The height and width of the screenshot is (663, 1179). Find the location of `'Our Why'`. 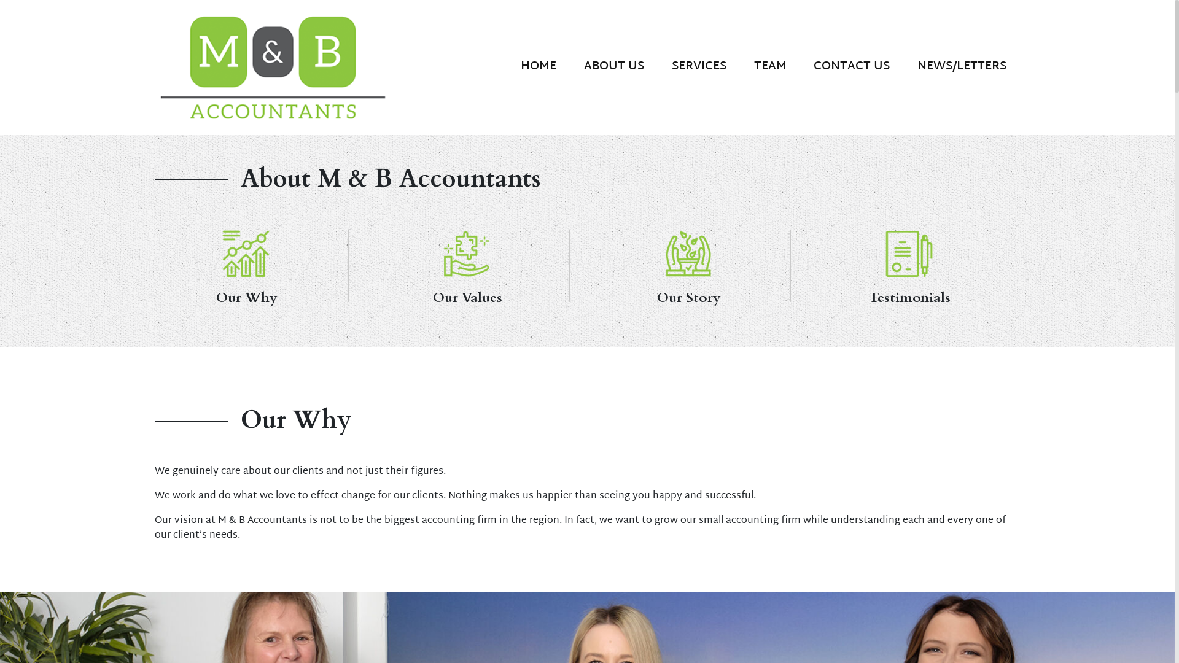

'Our Why' is located at coordinates (246, 253).